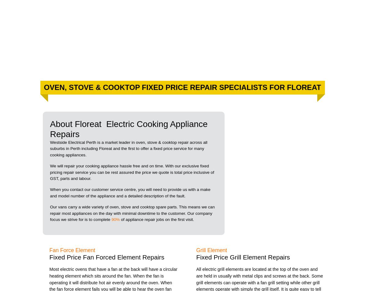  What do you see at coordinates (72, 250) in the screenshot?
I see `'Fan Force Element'` at bounding box center [72, 250].